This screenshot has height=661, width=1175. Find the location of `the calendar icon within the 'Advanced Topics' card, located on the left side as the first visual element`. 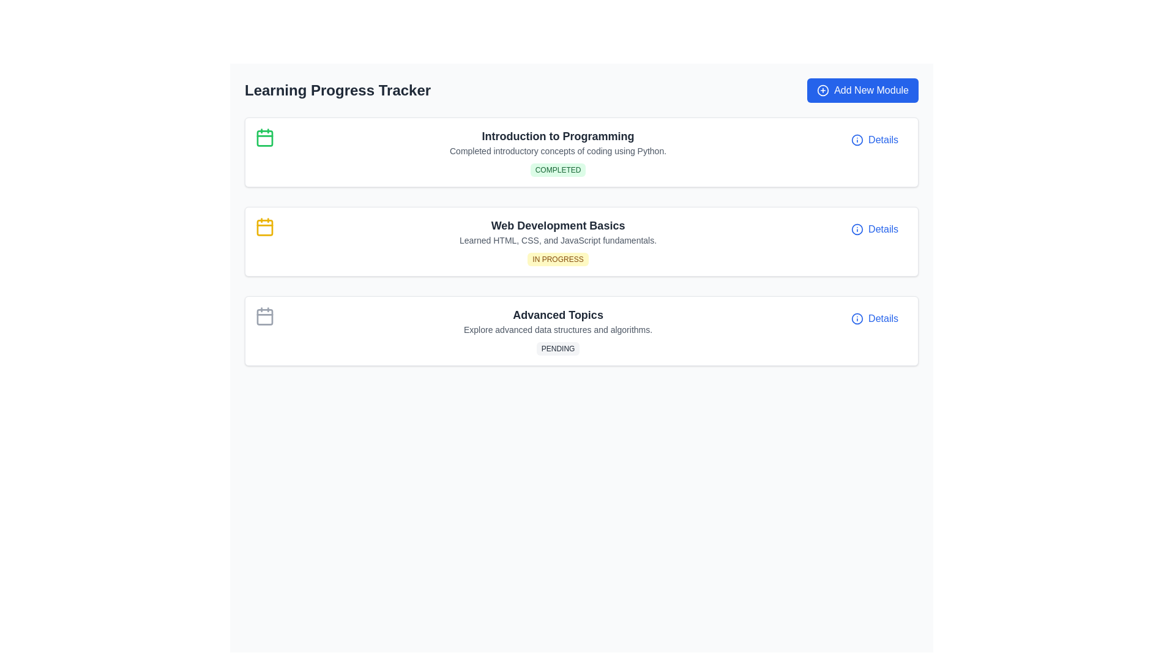

the calendar icon within the 'Advanced Topics' card, located on the left side as the first visual element is located at coordinates (264, 315).